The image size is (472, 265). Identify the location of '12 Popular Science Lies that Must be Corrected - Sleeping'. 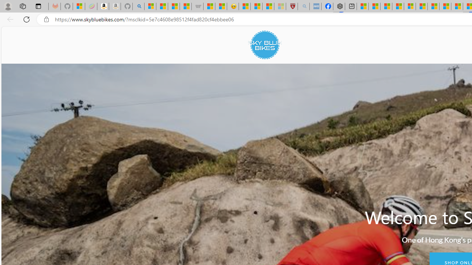
(280, 6).